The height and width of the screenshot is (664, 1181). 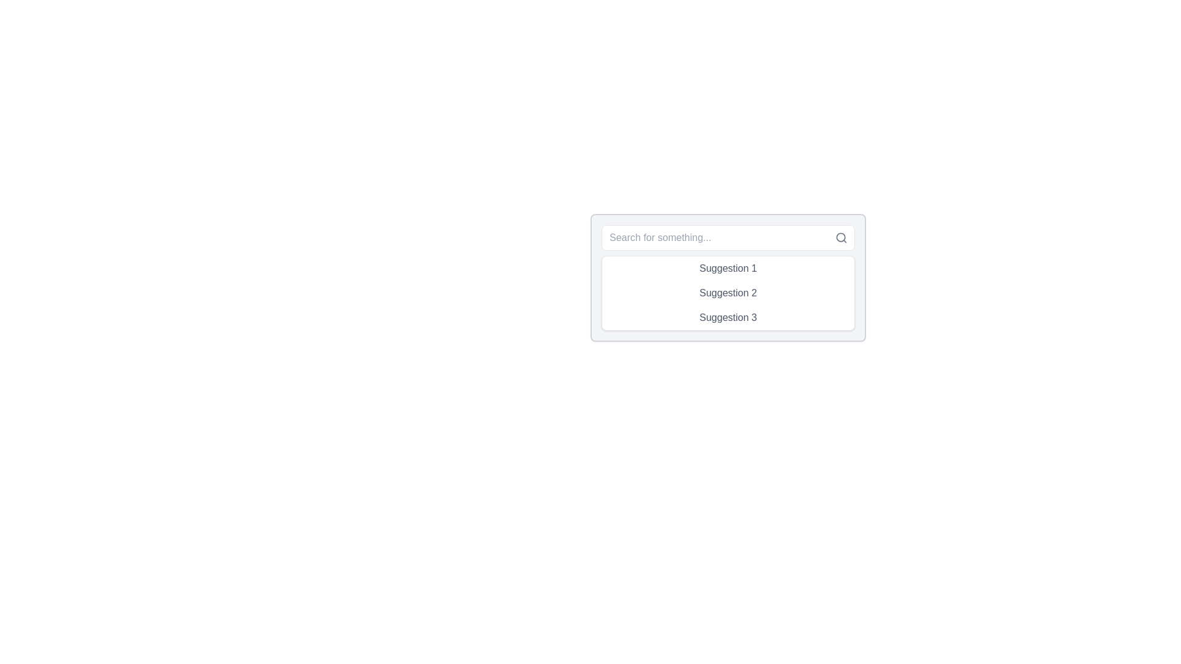 What do you see at coordinates (841, 237) in the screenshot?
I see `the magnifying glass icon button on the right side of the search input box` at bounding box center [841, 237].